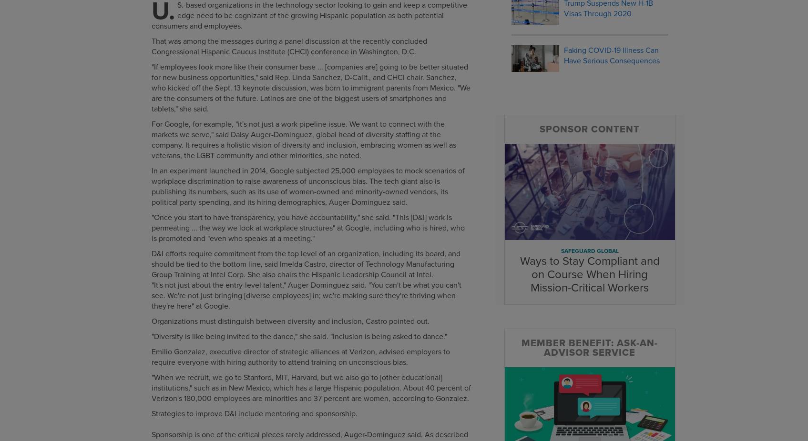 Image resolution: width=808 pixels, height=441 pixels. Describe the element at coordinates (310, 88) in the screenshot. I see `'"If employees look more like their consumer base ... [companies are] going to be better situated for new business opportunities," said Rep. Linda Sanchez, D-Calif., and CHCI chair. Sanchez, who kicked off the Sept. 13 keynote discussion, was born to immigrant parents from Mexico. "We are the consumers of the future. Latinos are one of the biggest users of smartphones and tablets," she said.'` at that location.